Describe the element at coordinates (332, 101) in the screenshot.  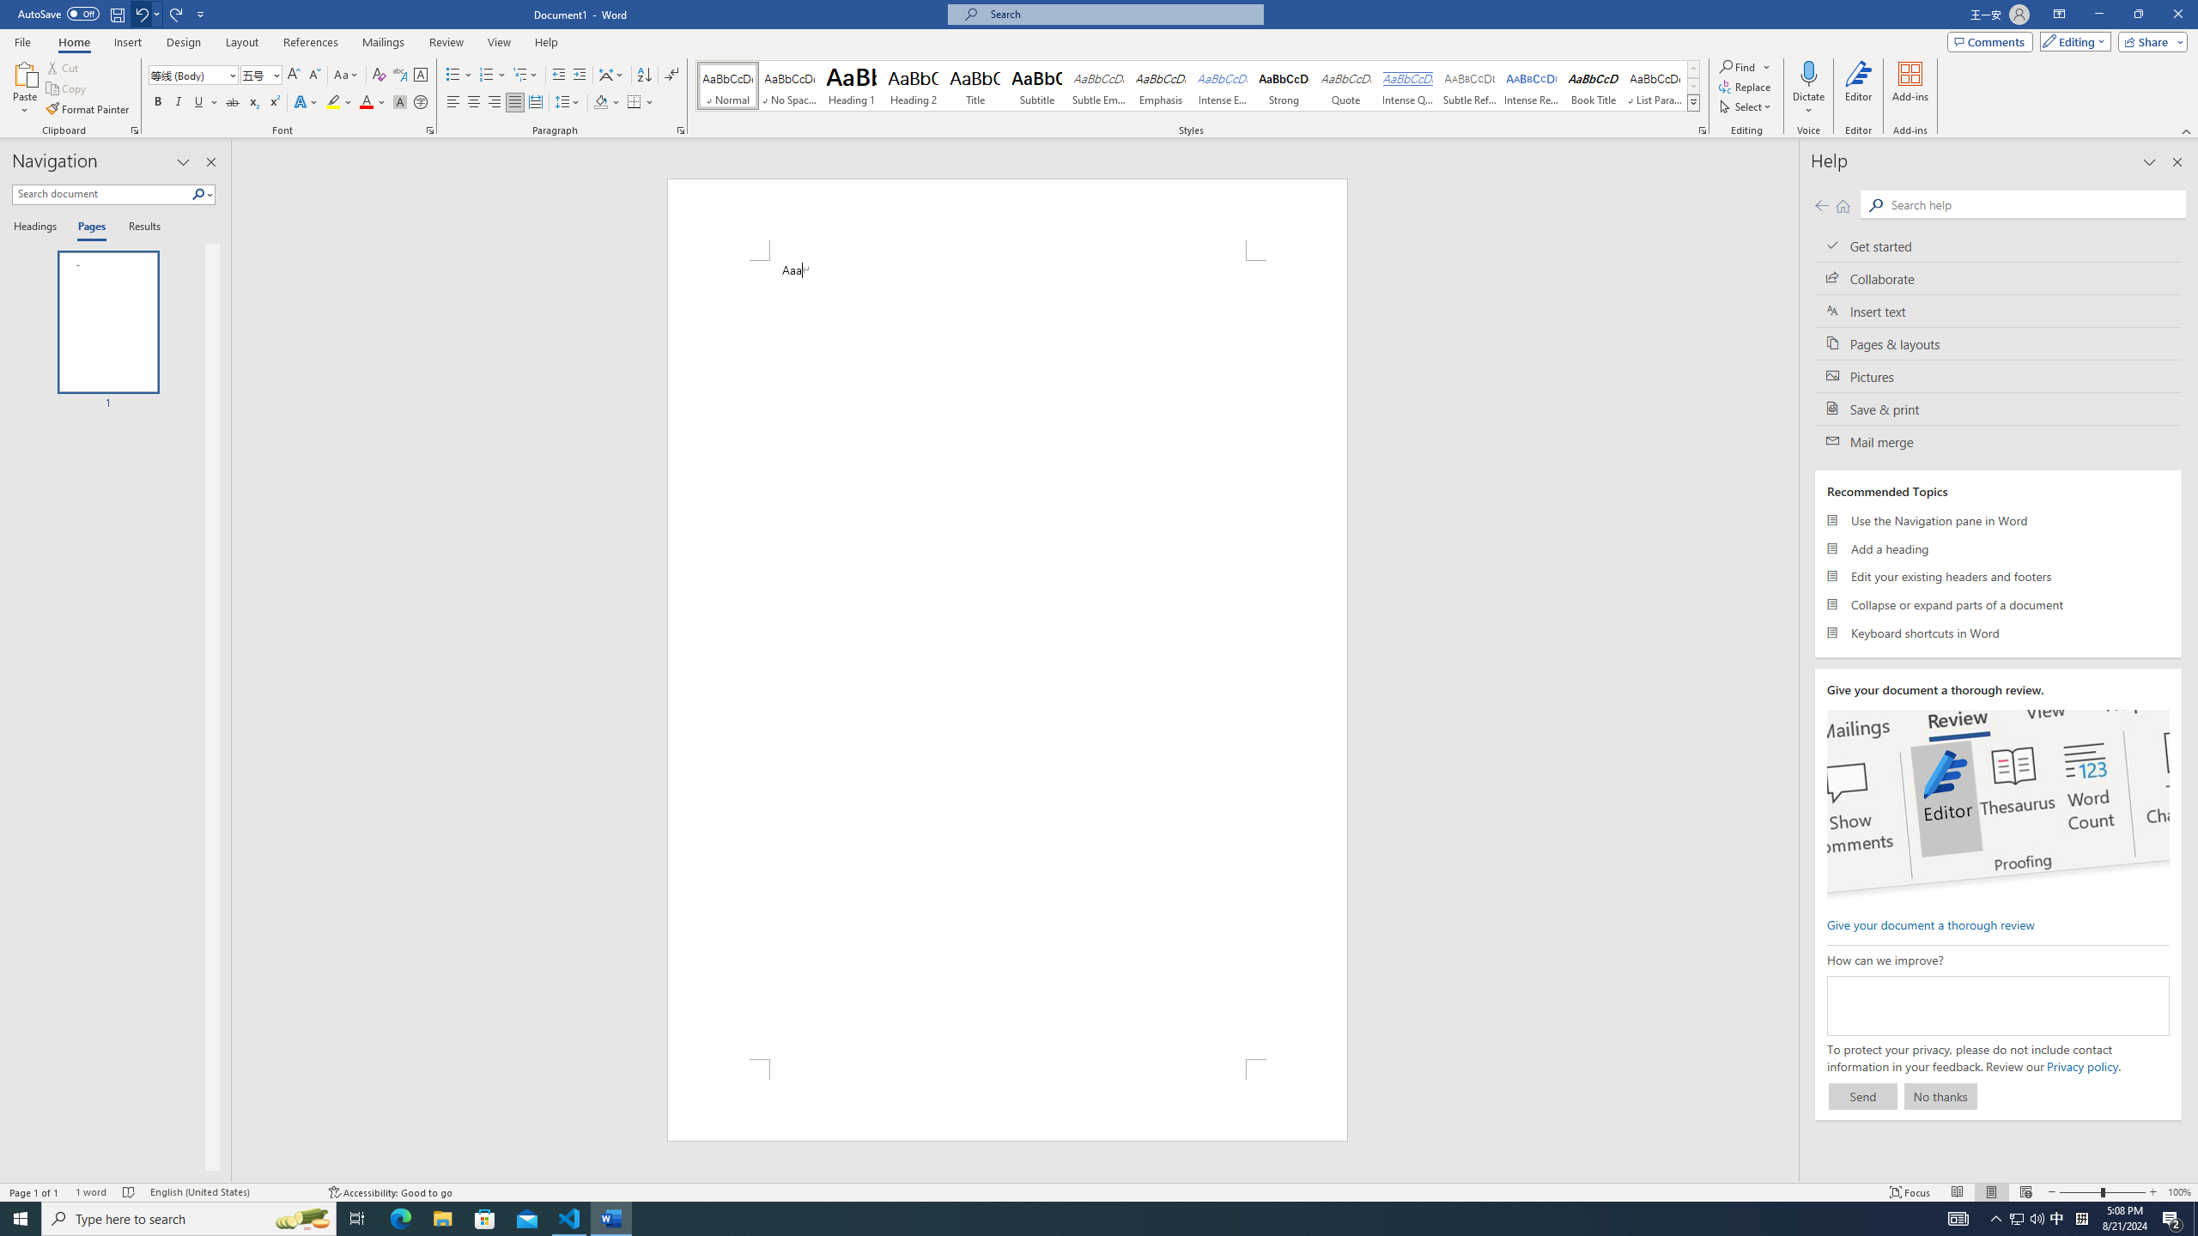
I see `'Text Highlight Color Yellow'` at that location.